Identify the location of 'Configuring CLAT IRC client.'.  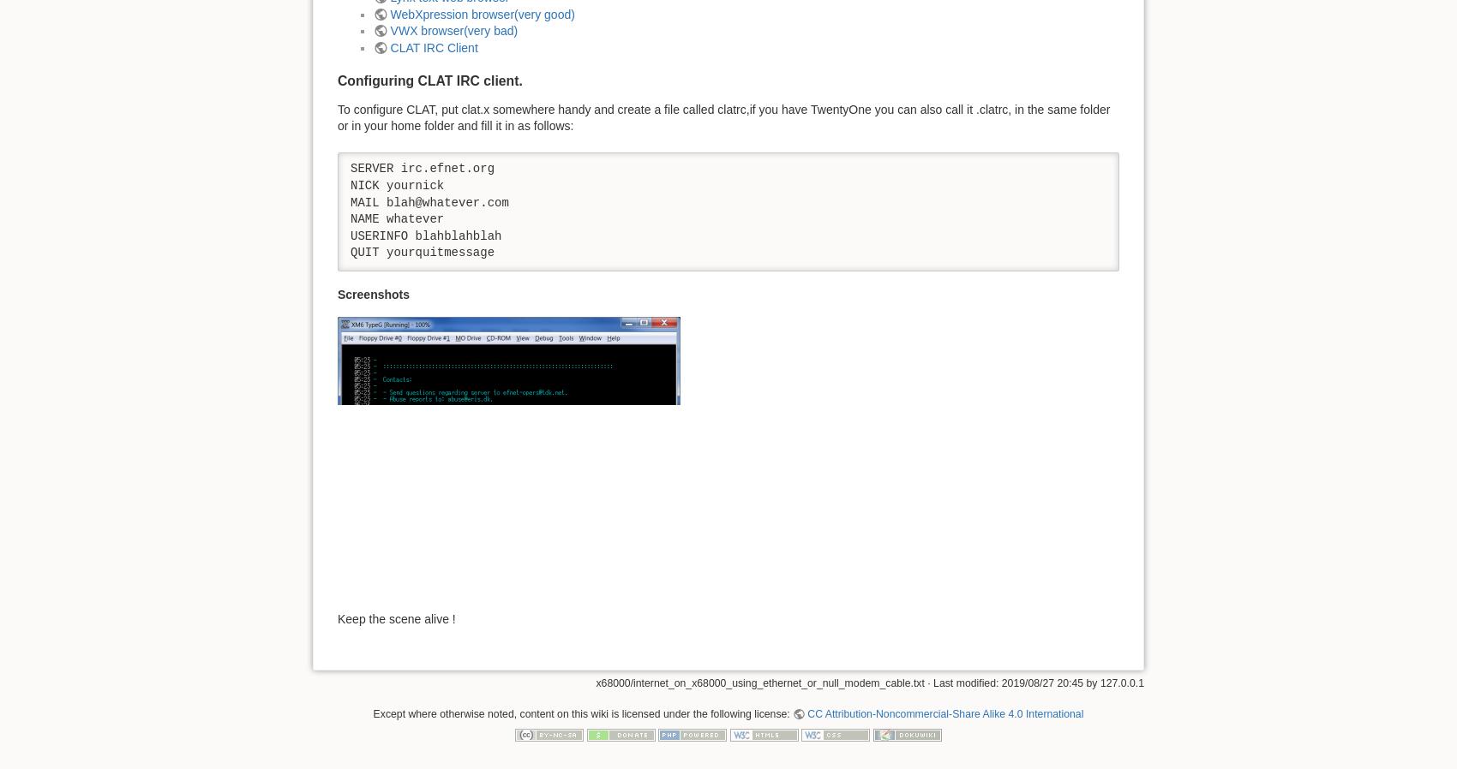
(429, 79).